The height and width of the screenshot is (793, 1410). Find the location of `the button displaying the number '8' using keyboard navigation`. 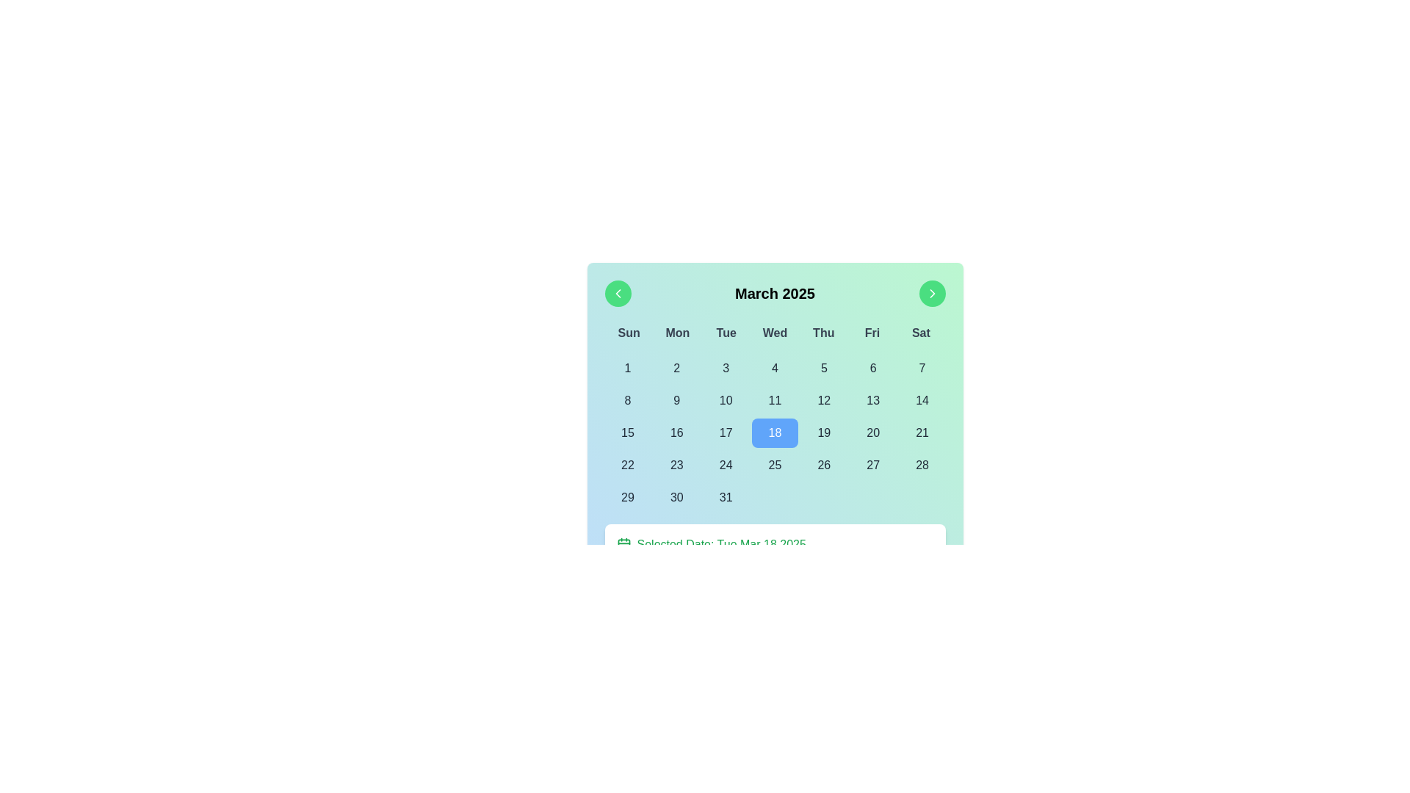

the button displaying the number '8' using keyboard navigation is located at coordinates (627, 401).